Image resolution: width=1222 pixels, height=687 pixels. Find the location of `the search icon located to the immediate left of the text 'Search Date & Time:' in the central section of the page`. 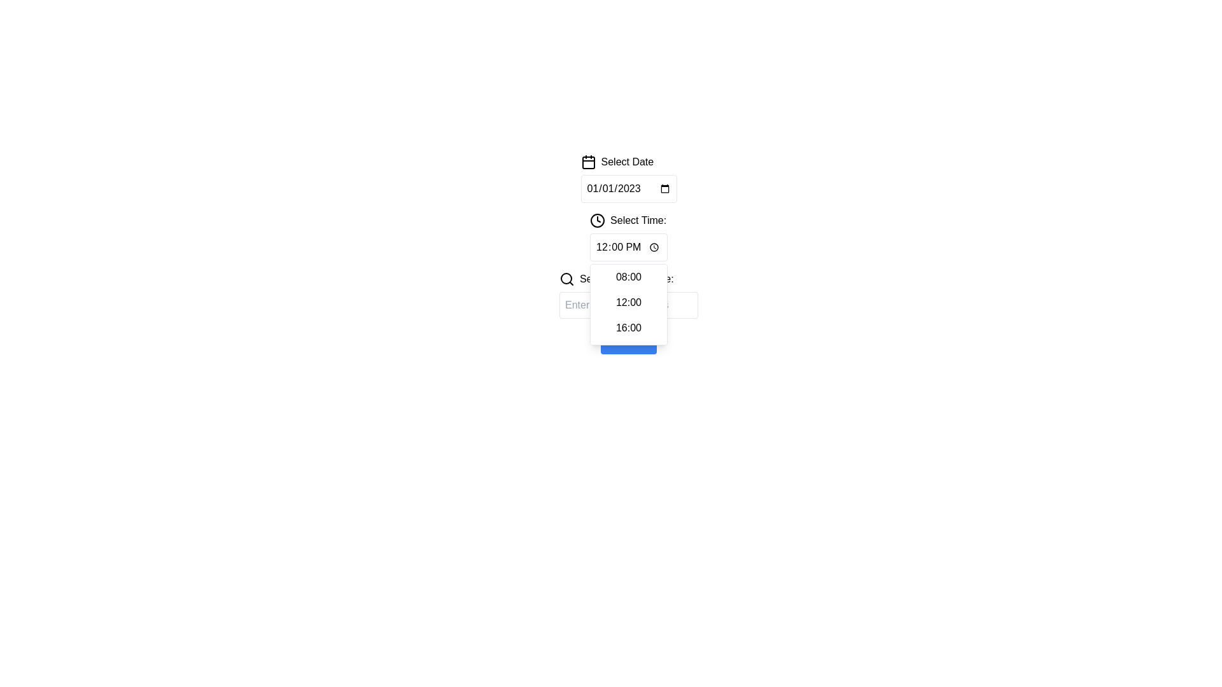

the search icon located to the immediate left of the text 'Search Date & Time:' in the central section of the page is located at coordinates (566, 279).